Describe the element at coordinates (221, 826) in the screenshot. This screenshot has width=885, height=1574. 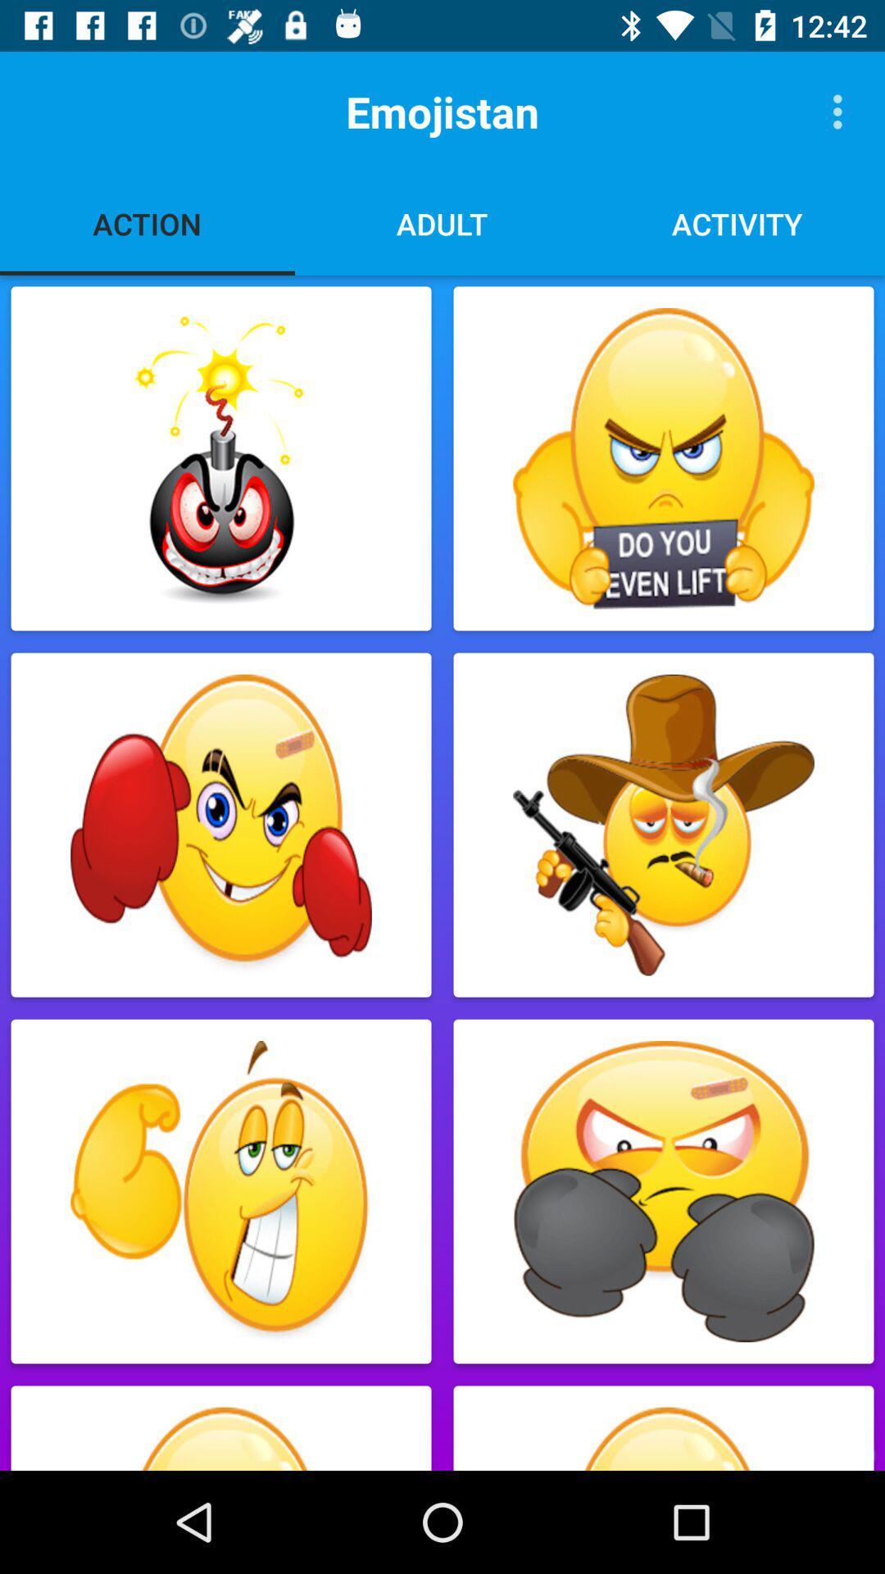
I see `the first image in second row` at that location.